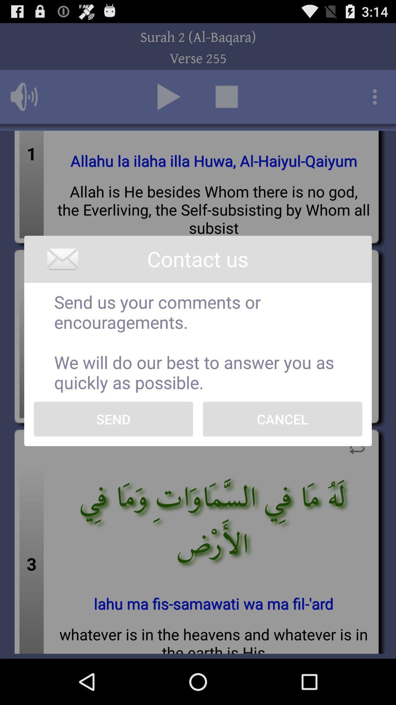 The image size is (396, 705). I want to click on send us your item, so click(198, 341).